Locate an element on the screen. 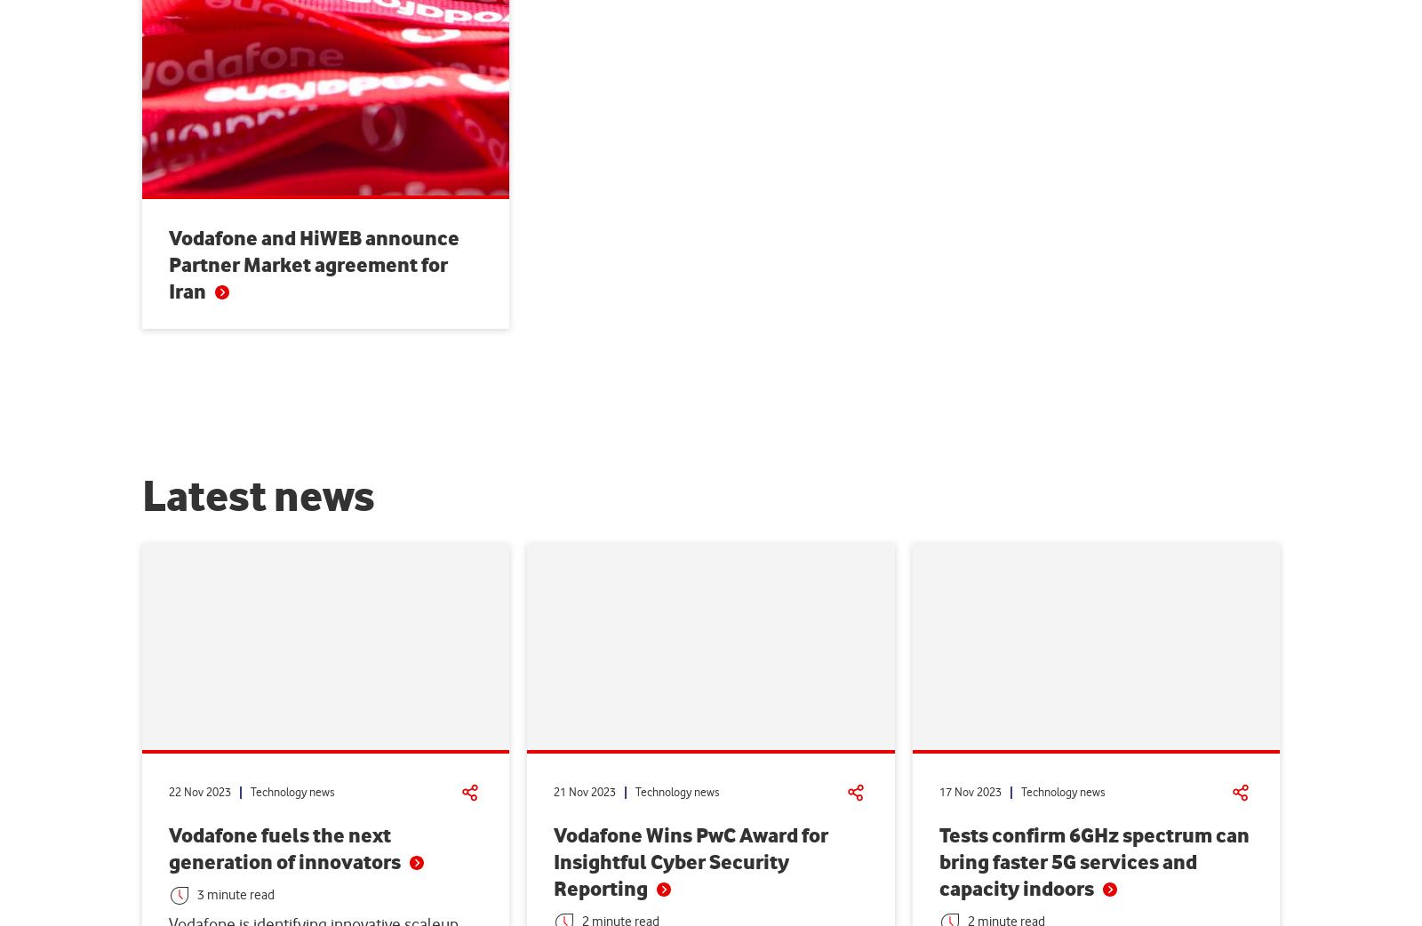 This screenshot has height=926, width=1422. 'Tests confirm 6GHz spectrum can bring faster 5G services and capacity' is located at coordinates (1092, 861).